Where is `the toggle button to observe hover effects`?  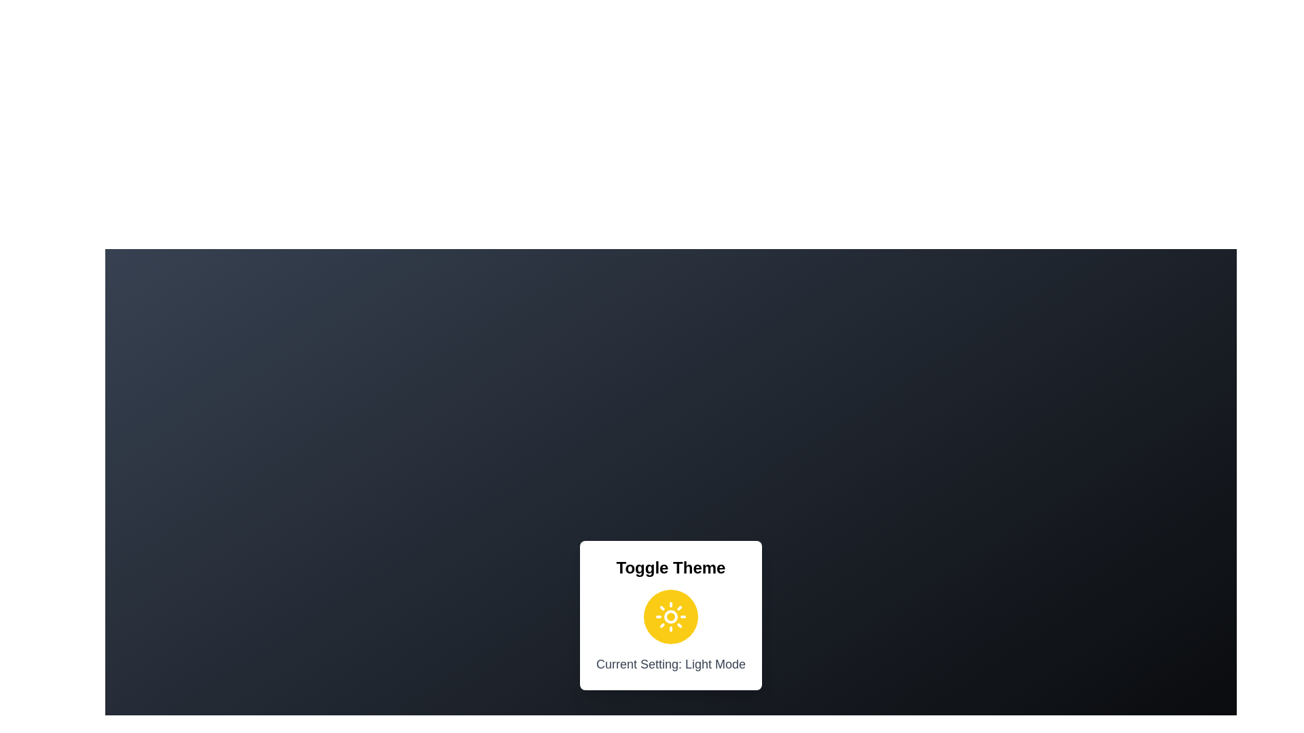
the toggle button to observe hover effects is located at coordinates (671, 617).